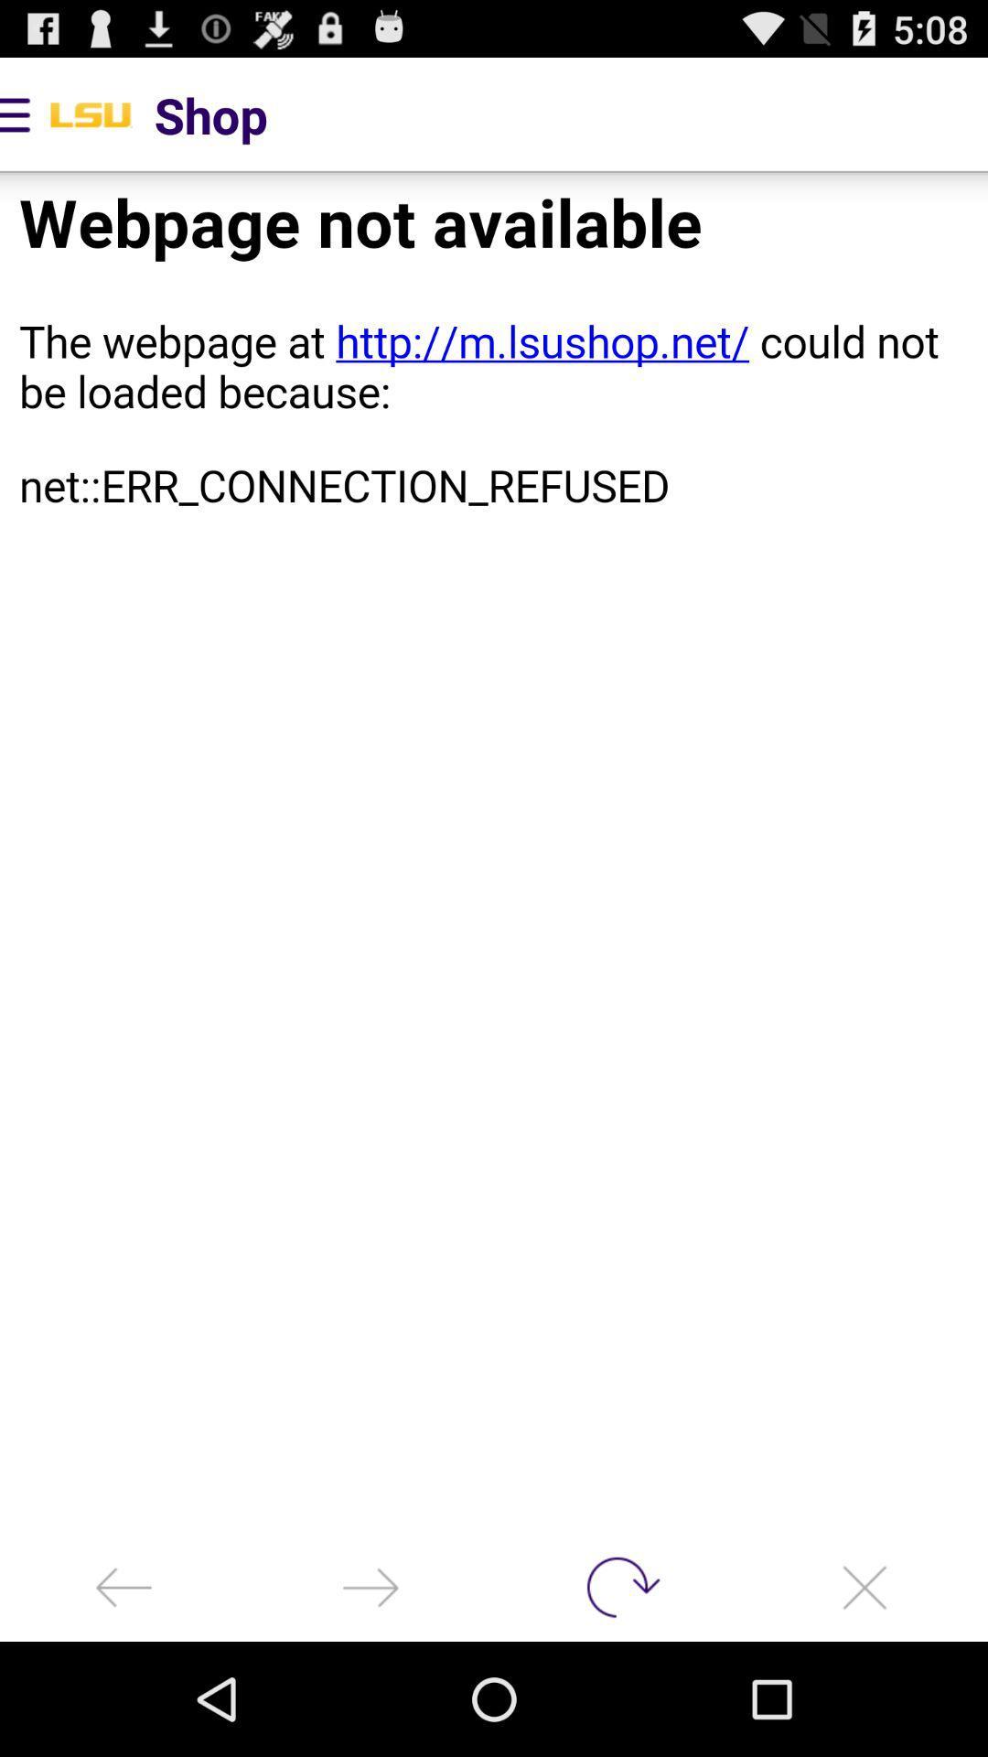  Describe the element at coordinates (494, 852) in the screenshot. I see `website page` at that location.